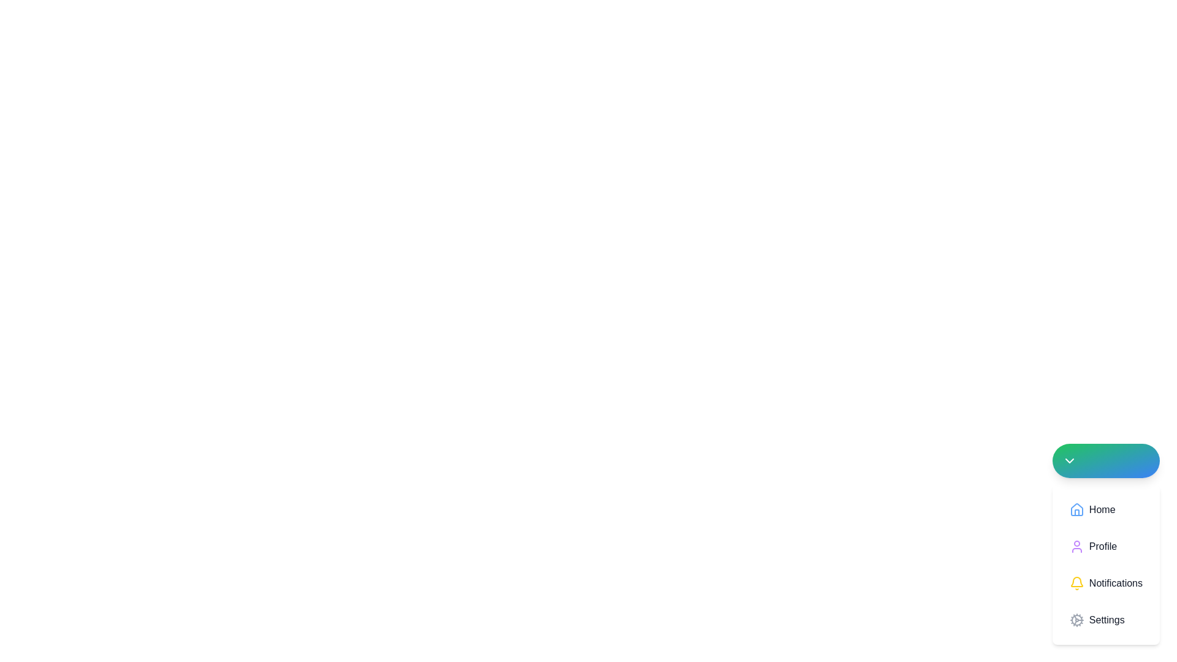 The height and width of the screenshot is (662, 1177). I want to click on the yellow bell icon located to the left of the 'Notifications' label in the dropdown menu, so click(1076, 583).